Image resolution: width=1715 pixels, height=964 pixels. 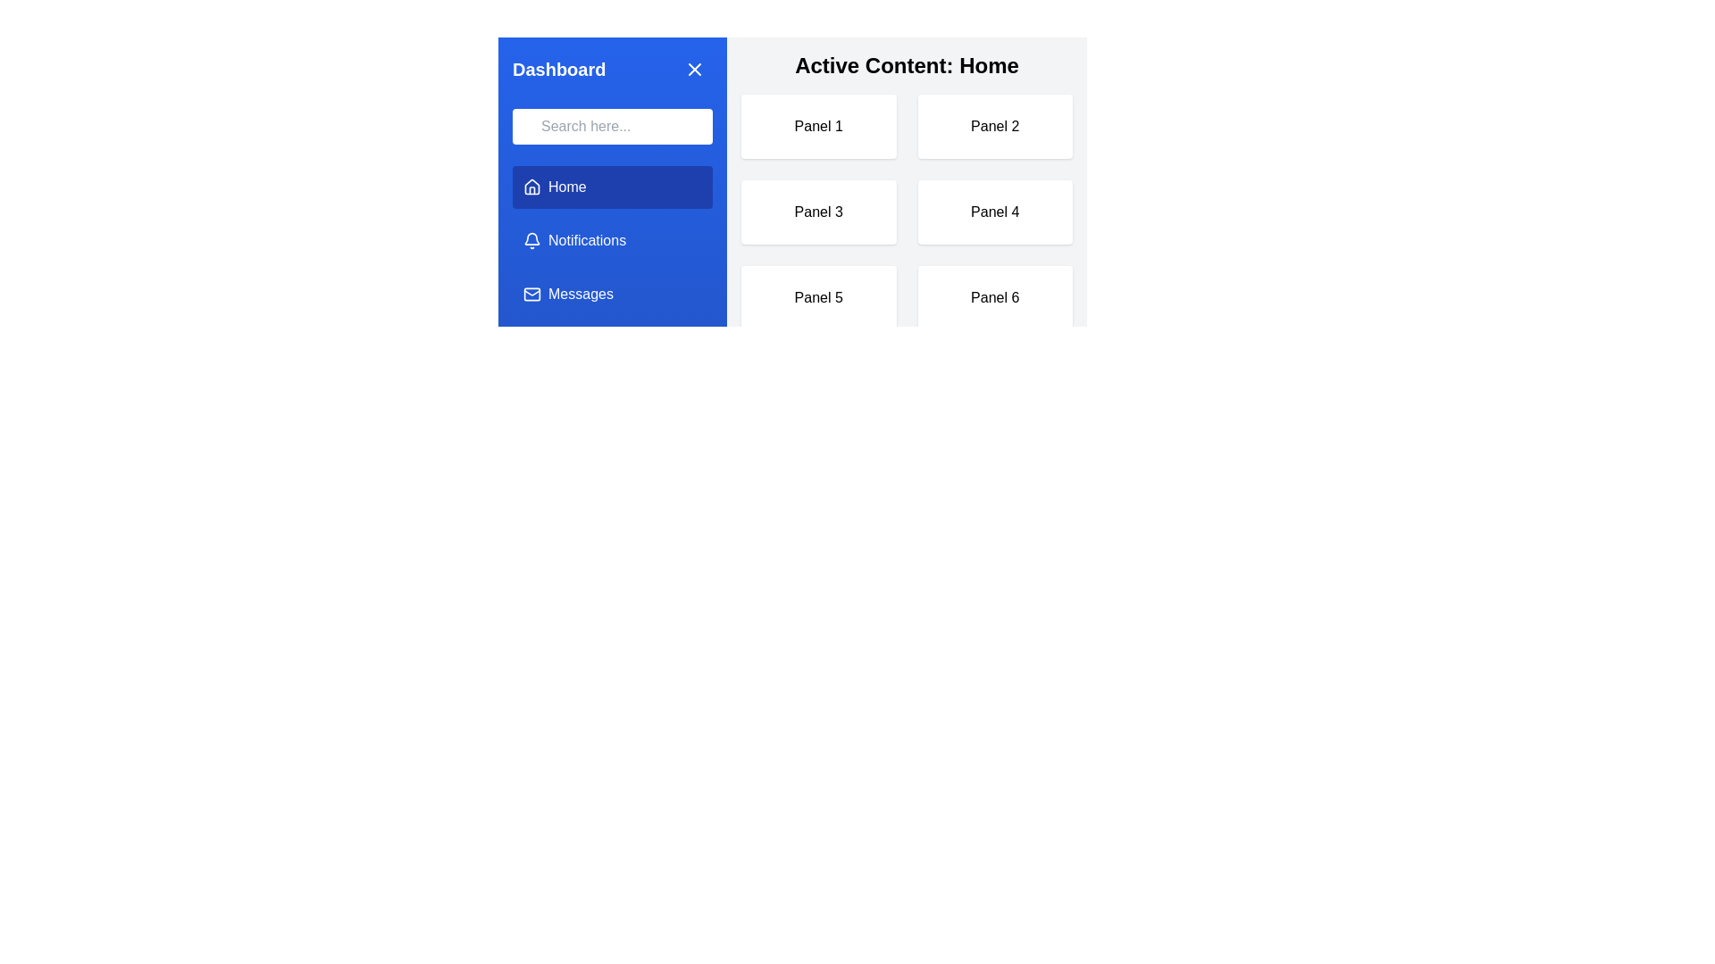 I want to click on the menu item labeled Notifications to change the active content, so click(x=613, y=241).